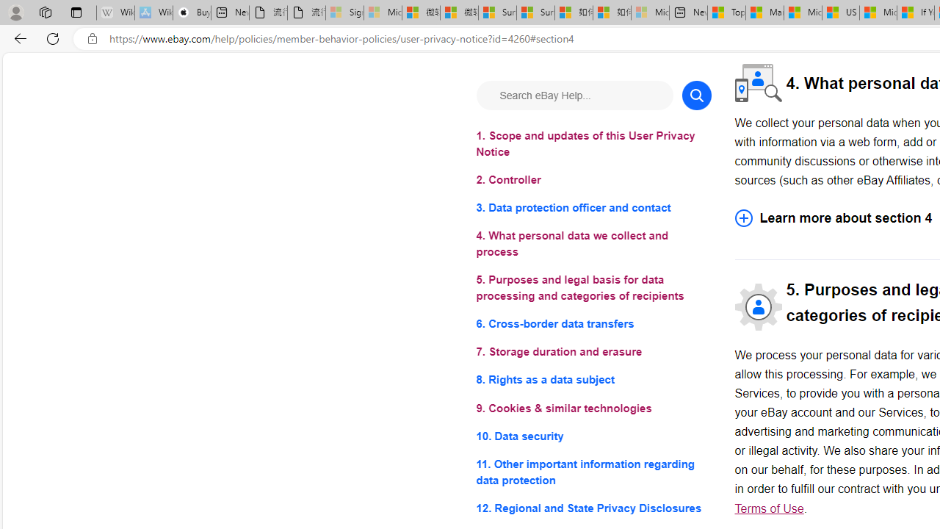 Image resolution: width=940 pixels, height=529 pixels. Describe the element at coordinates (593, 323) in the screenshot. I see `'6. Cross-border data transfers'` at that location.